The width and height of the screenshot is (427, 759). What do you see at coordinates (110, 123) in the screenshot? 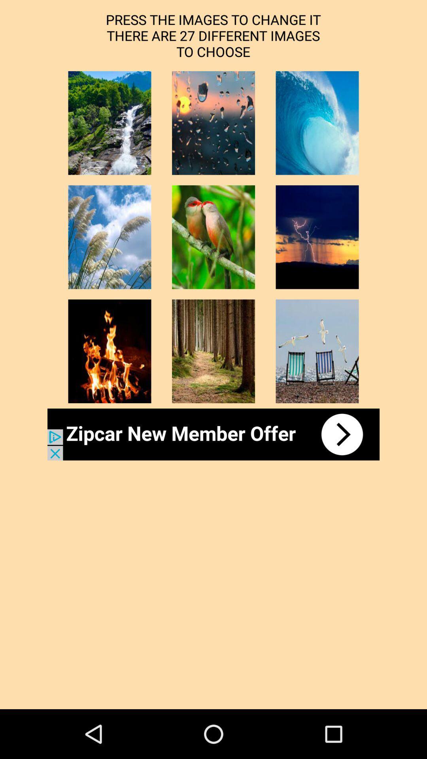
I see `pothagrapy displayer` at bounding box center [110, 123].